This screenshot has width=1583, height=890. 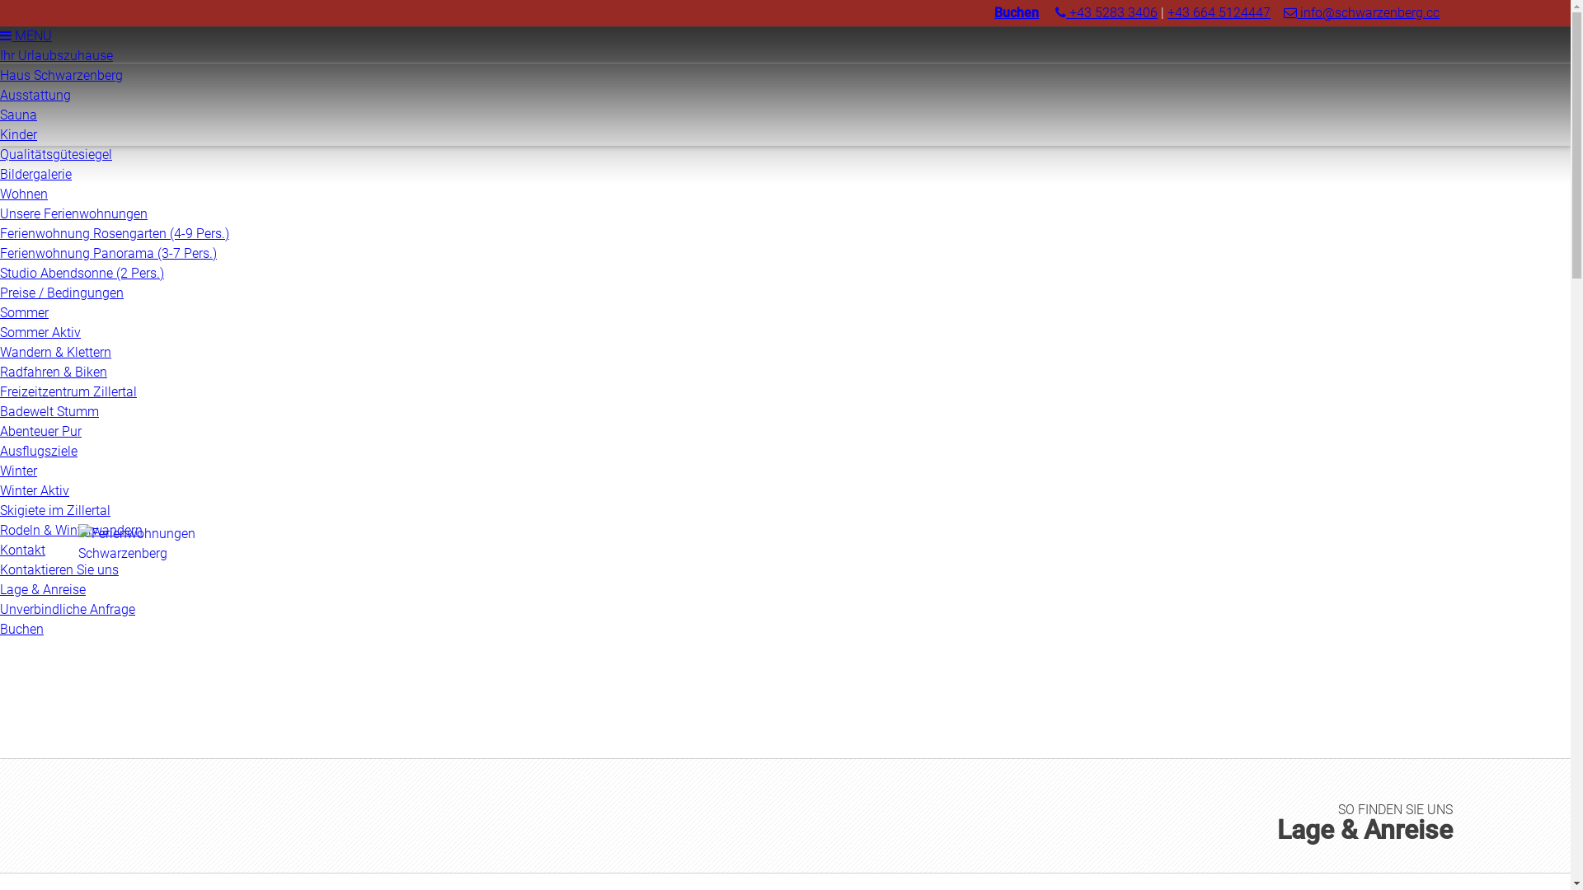 What do you see at coordinates (0, 351) in the screenshot?
I see `'Wandern & Klettern'` at bounding box center [0, 351].